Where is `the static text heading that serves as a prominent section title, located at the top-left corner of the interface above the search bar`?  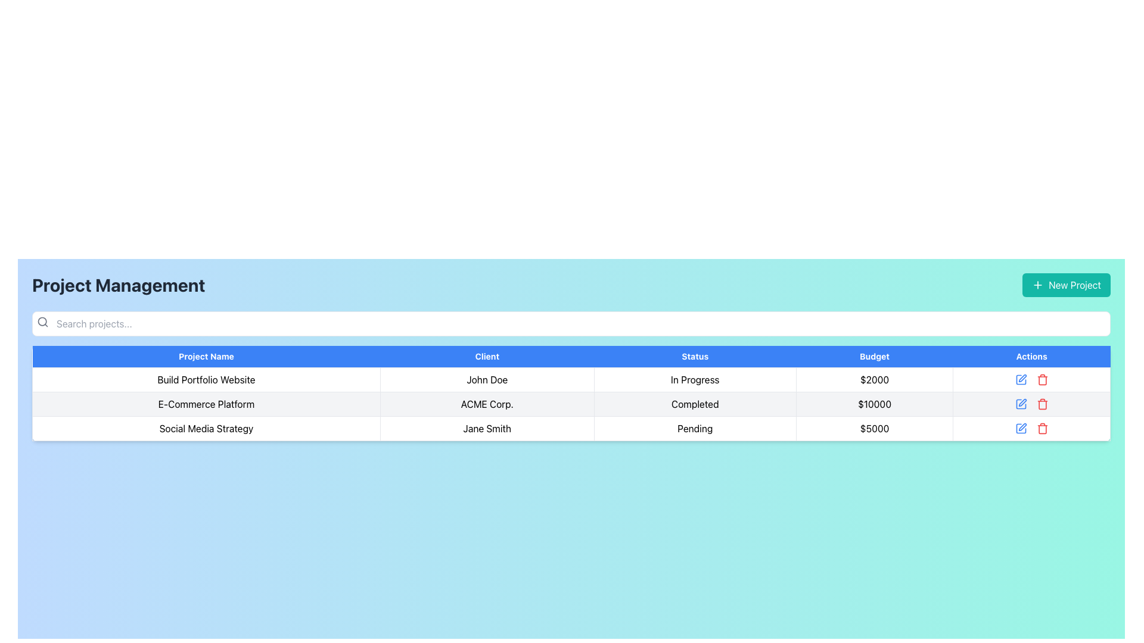 the static text heading that serves as a prominent section title, located at the top-left corner of the interface above the search bar is located at coordinates (119, 285).